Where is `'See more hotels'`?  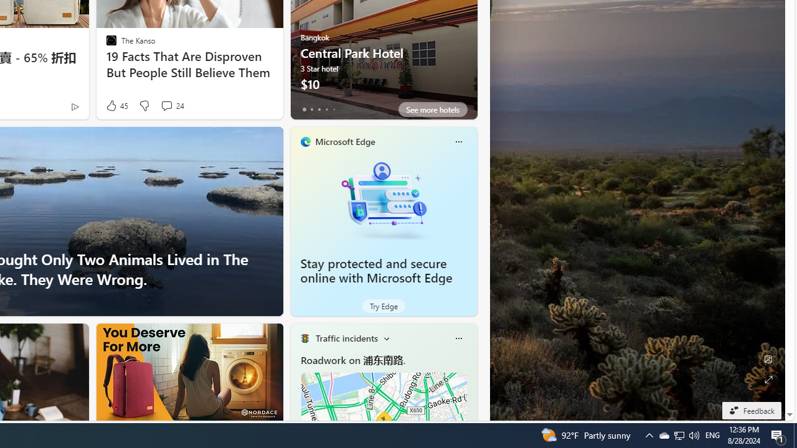 'See more hotels' is located at coordinates (433, 109).